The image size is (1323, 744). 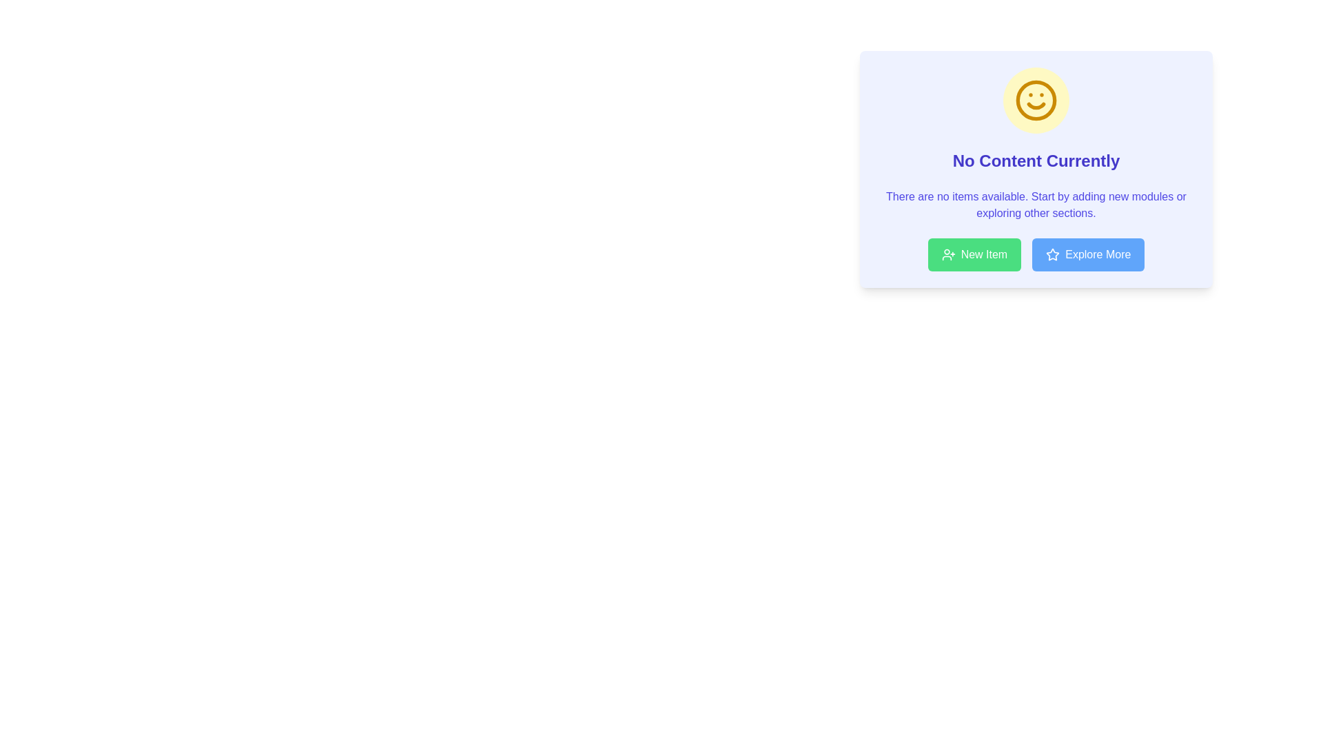 What do you see at coordinates (1036, 100) in the screenshot?
I see `the circular icon with a light yellow background and a smiley face, located at the top center of the card interface above the title text 'No Content Currently'` at bounding box center [1036, 100].